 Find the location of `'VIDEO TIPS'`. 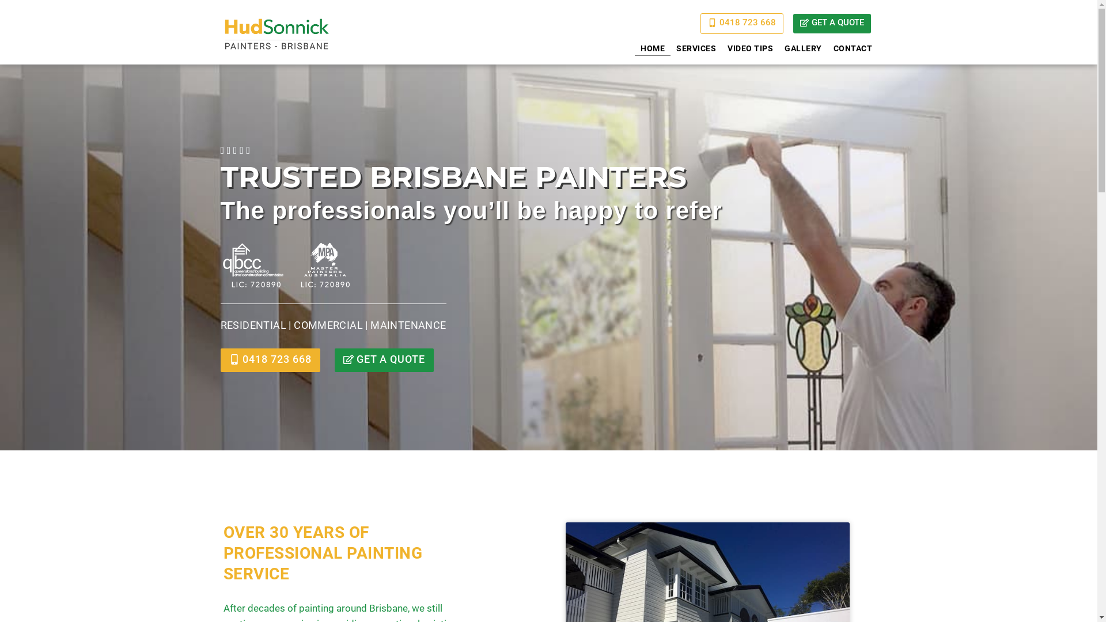

'VIDEO TIPS' is located at coordinates (721, 48).